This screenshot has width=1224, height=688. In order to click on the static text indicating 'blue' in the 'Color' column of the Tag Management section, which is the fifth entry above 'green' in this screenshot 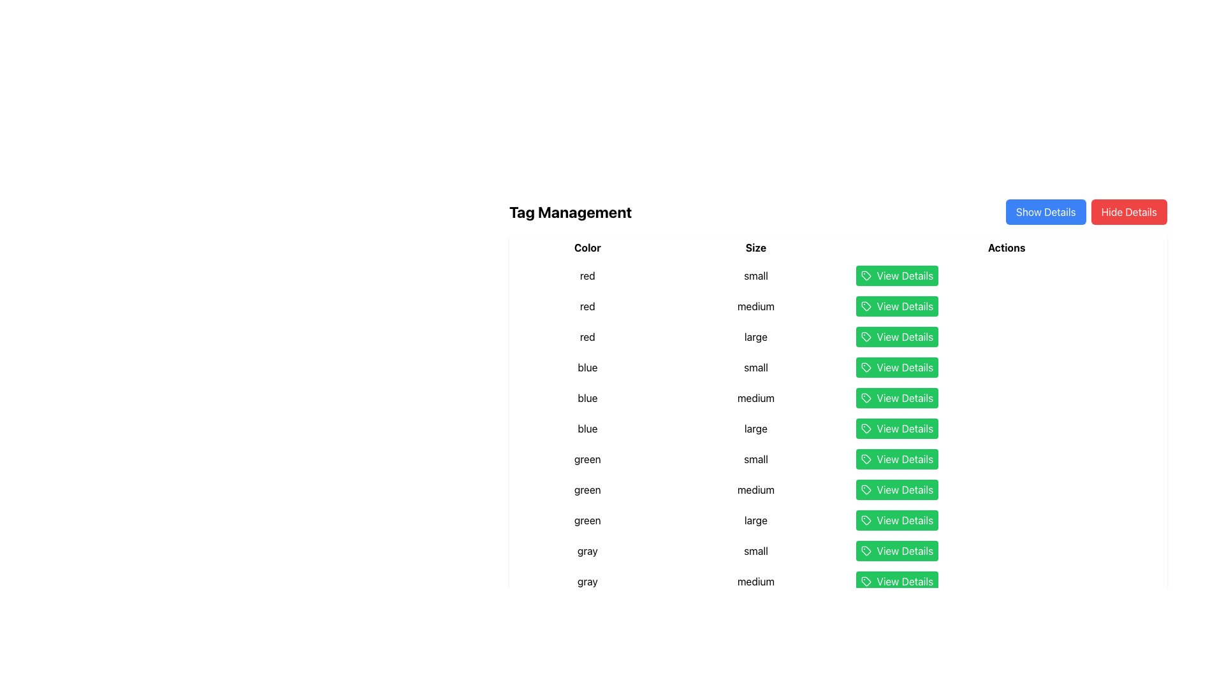, I will do `click(586, 428)`.